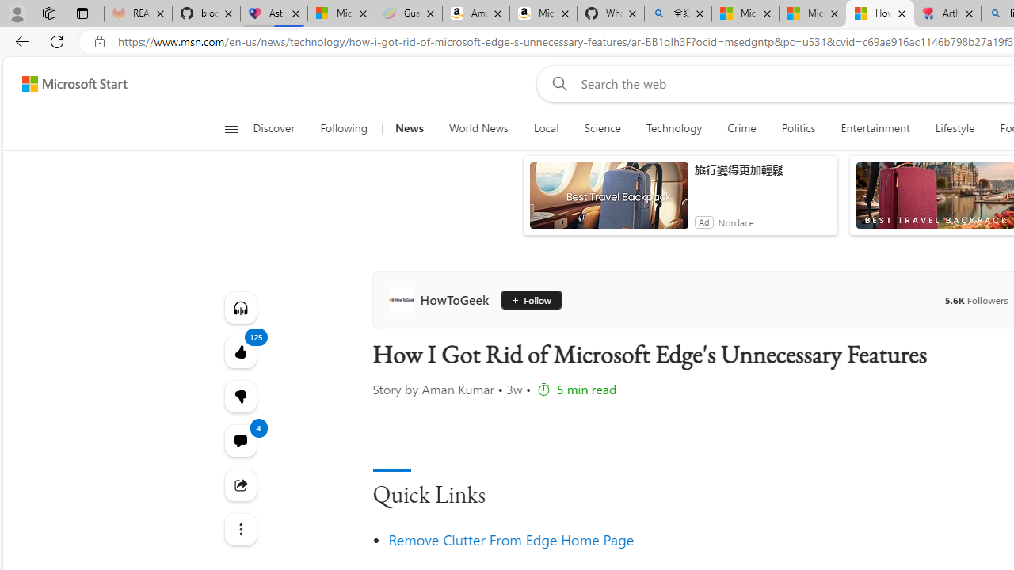  What do you see at coordinates (511, 539) in the screenshot?
I see `'Remove Clutter From Edge Home Page'` at bounding box center [511, 539].